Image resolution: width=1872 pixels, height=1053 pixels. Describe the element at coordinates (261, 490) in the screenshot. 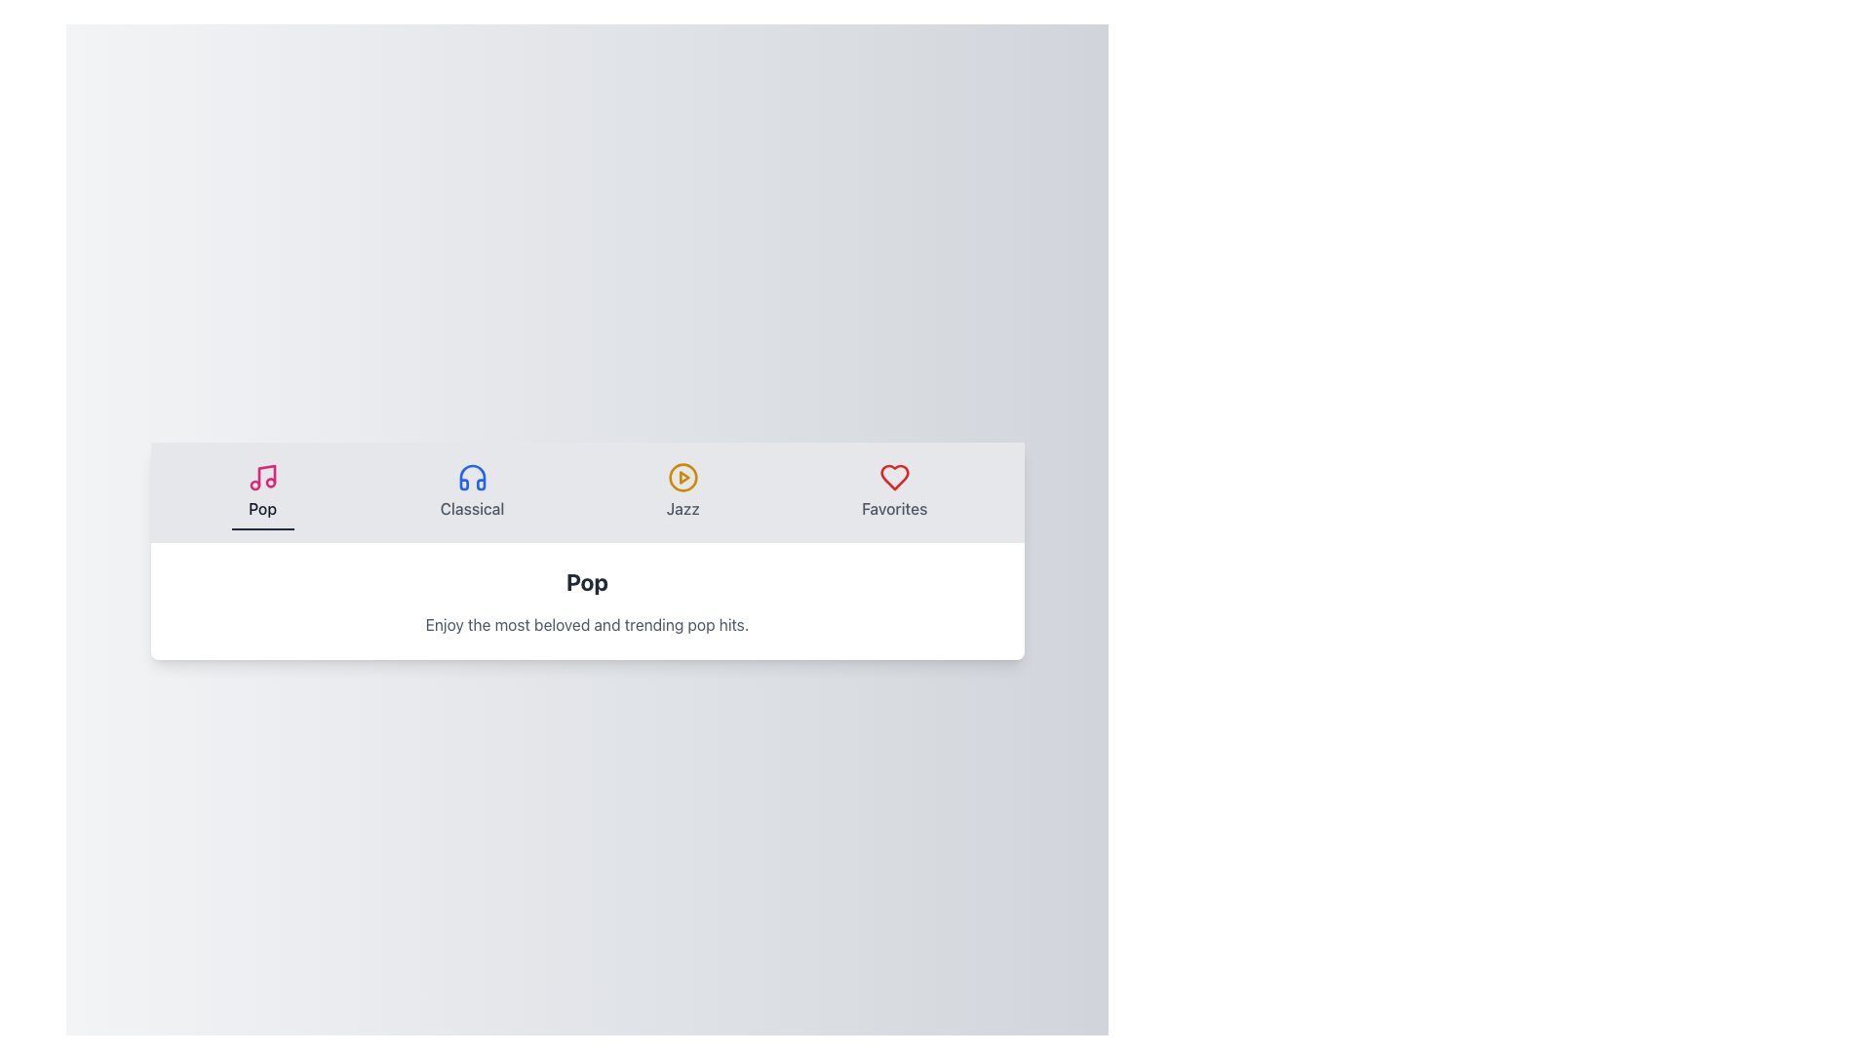

I see `the vertically-aligned button displaying a pink musical note icon above the text 'Pop'` at that location.